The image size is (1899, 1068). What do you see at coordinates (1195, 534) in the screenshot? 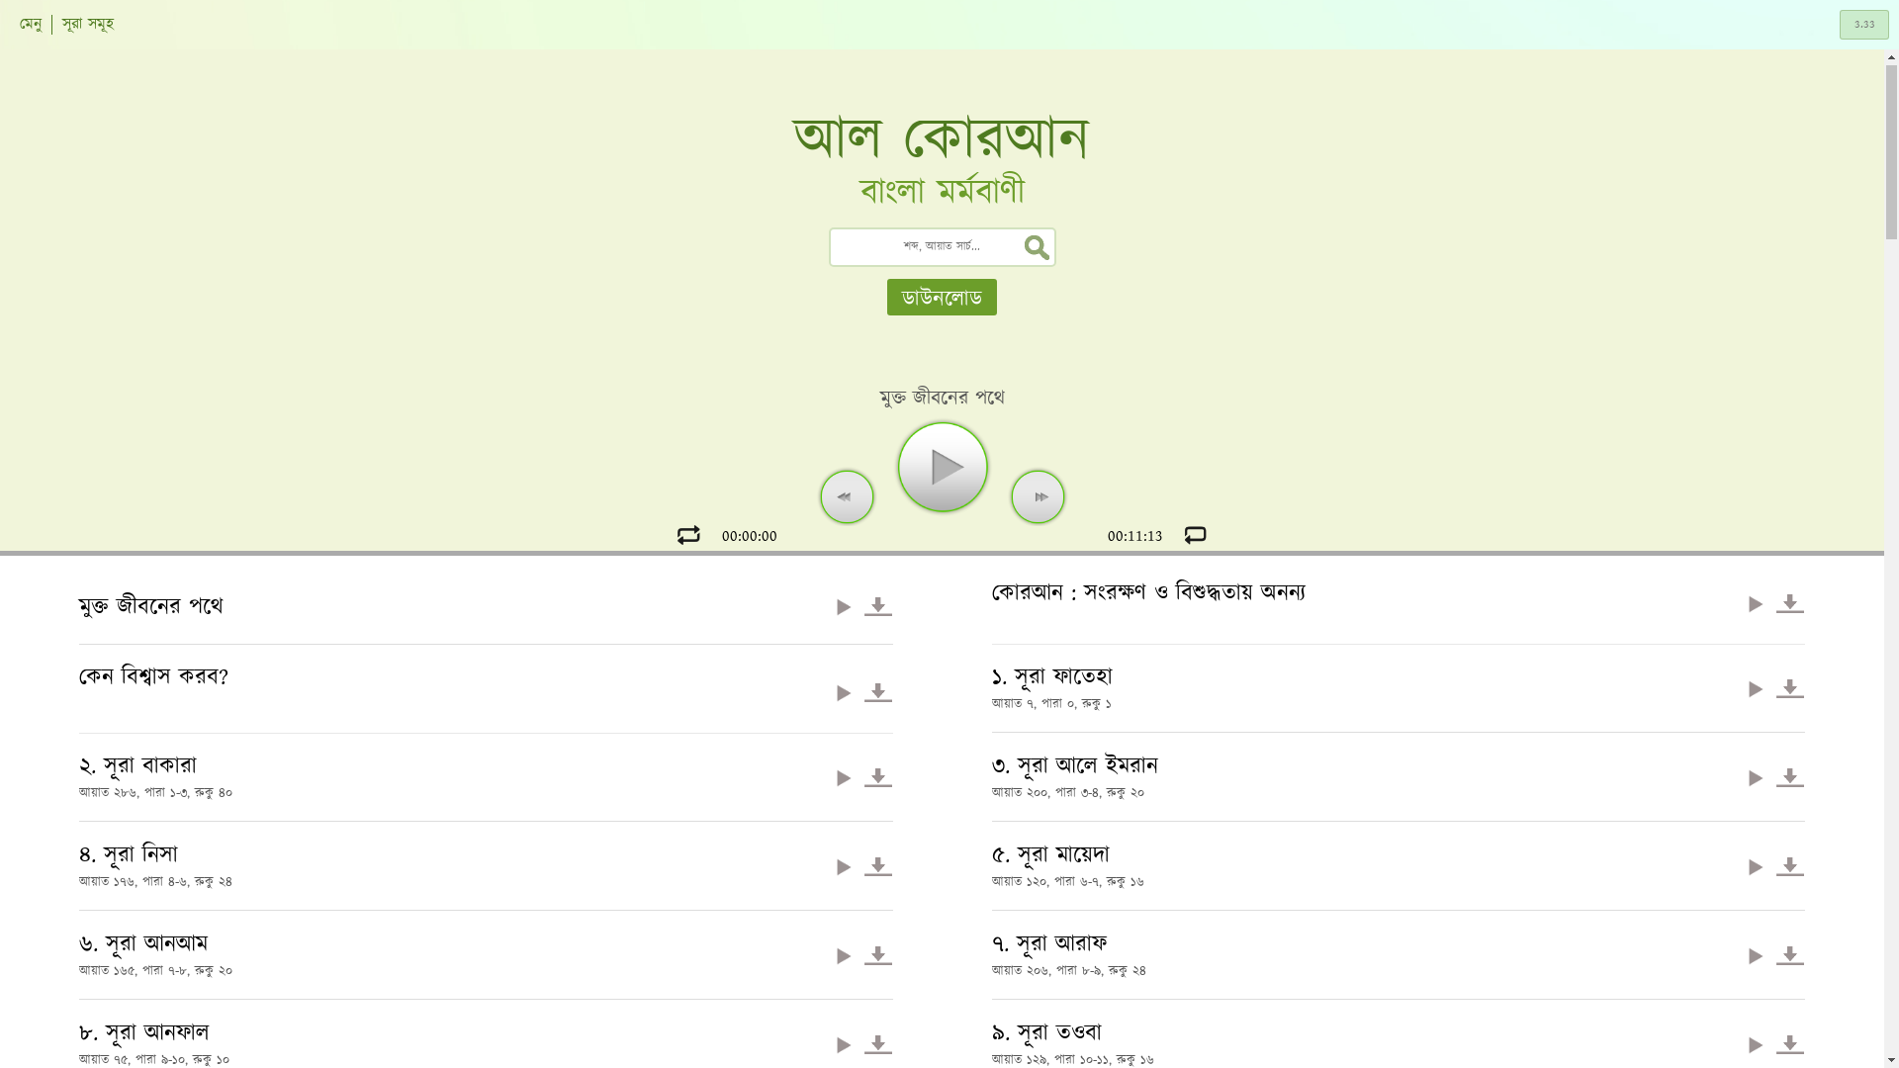
I see `'track by track'` at bounding box center [1195, 534].